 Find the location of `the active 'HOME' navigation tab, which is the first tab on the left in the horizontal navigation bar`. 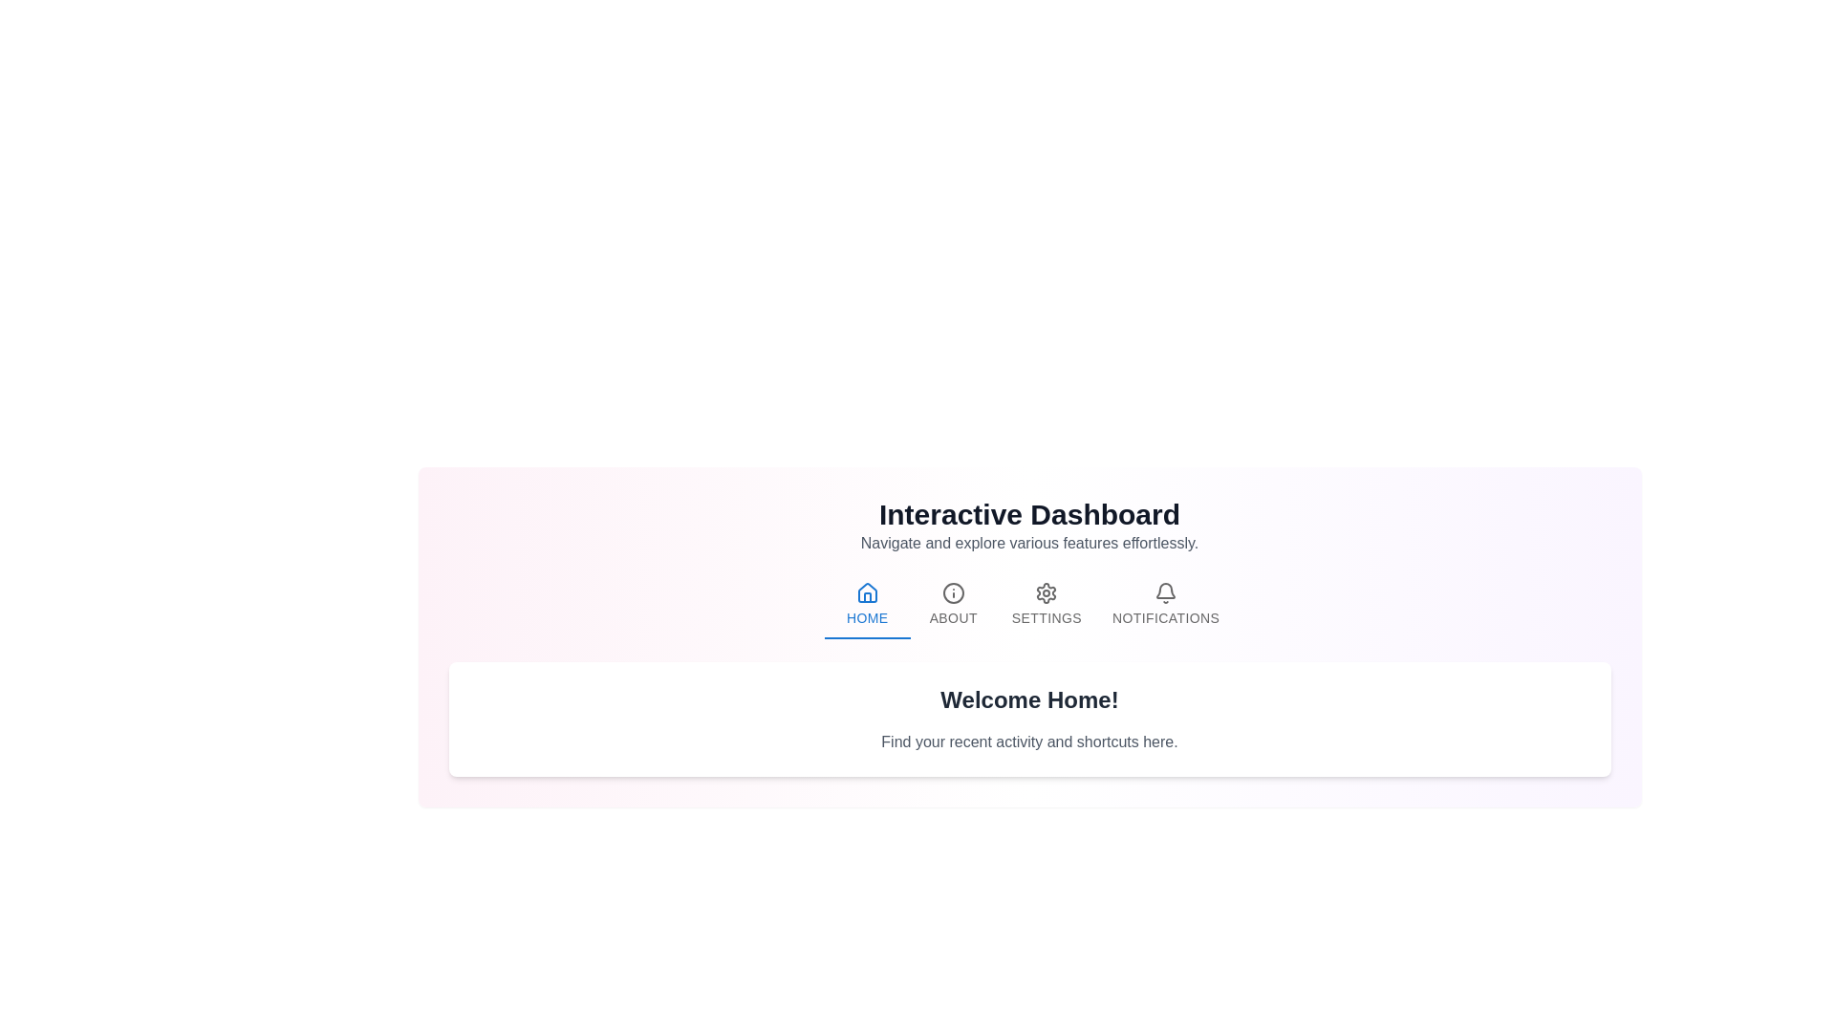

the active 'HOME' navigation tab, which is the first tab on the left in the horizontal navigation bar is located at coordinates (866, 604).